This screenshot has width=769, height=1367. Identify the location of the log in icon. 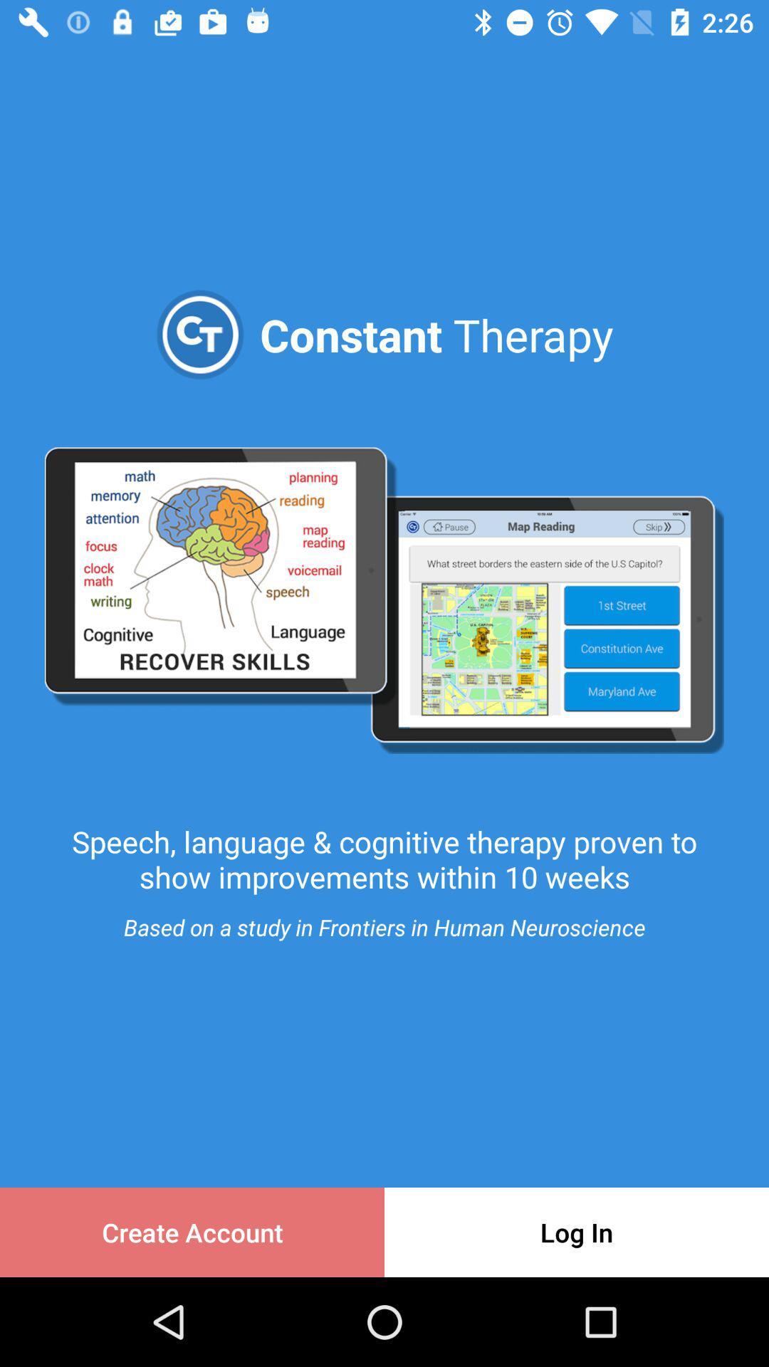
(577, 1232).